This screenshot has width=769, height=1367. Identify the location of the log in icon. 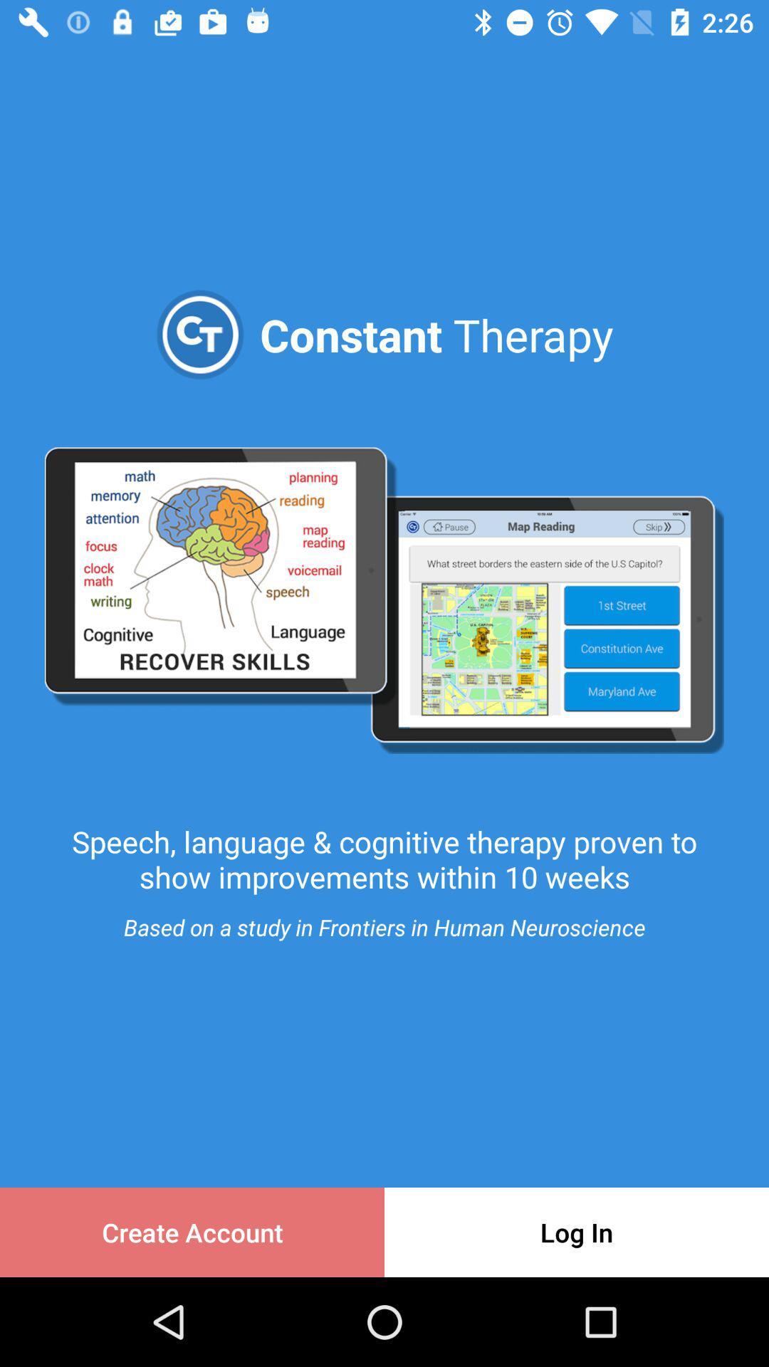
(577, 1232).